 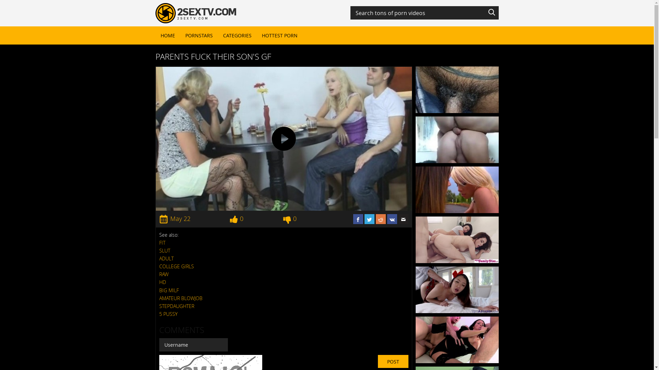 What do you see at coordinates (167, 35) in the screenshot?
I see `'HOME'` at bounding box center [167, 35].